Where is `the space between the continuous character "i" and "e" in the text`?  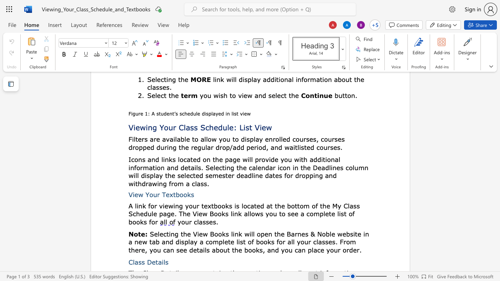 the space between the continuous character "i" and "e" in the text is located at coordinates (164, 205).